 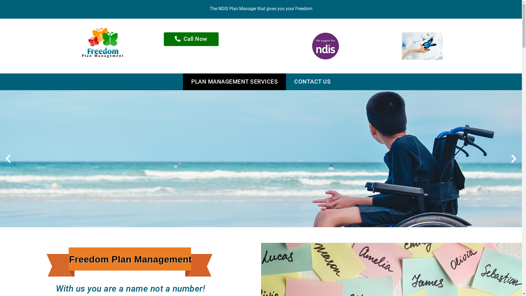 I want to click on 'PLAN MANAGEMENT SERVICES', so click(x=234, y=82).